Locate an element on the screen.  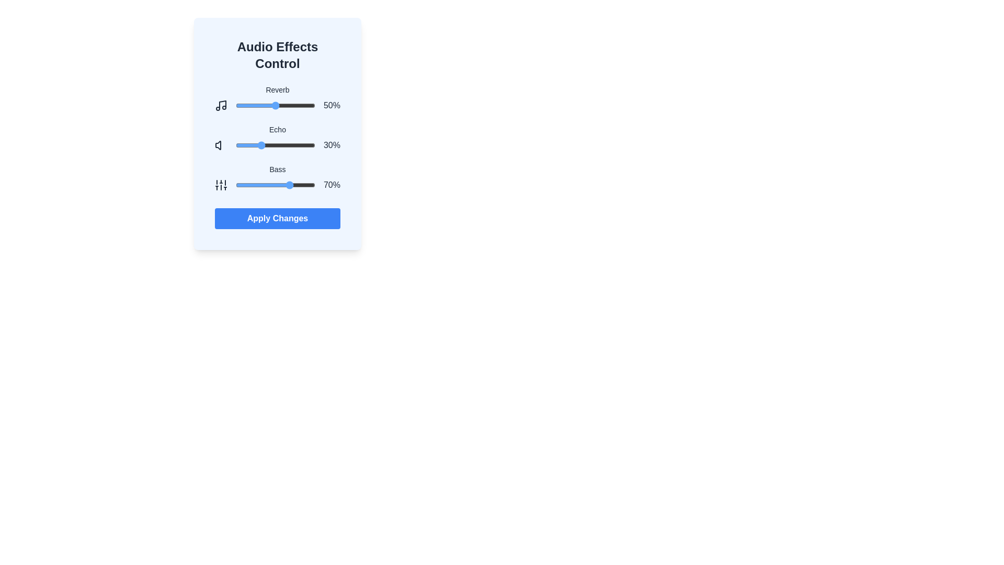
displayed percentage from the numeric indicator showing '50%' in bold black text, located at the end of the horizontal slider on the right is located at coordinates (331, 105).